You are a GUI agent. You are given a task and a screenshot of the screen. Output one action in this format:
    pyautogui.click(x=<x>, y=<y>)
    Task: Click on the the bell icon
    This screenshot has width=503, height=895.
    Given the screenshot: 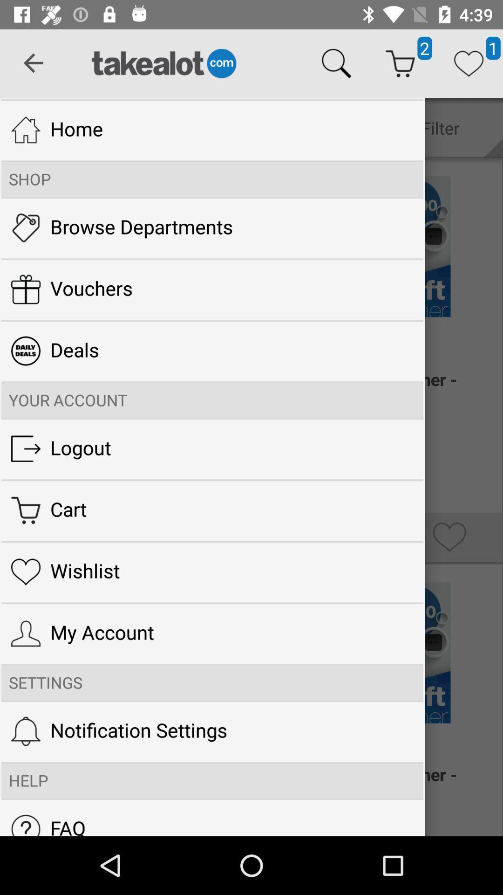 What is the action you would take?
    pyautogui.click(x=25, y=731)
    